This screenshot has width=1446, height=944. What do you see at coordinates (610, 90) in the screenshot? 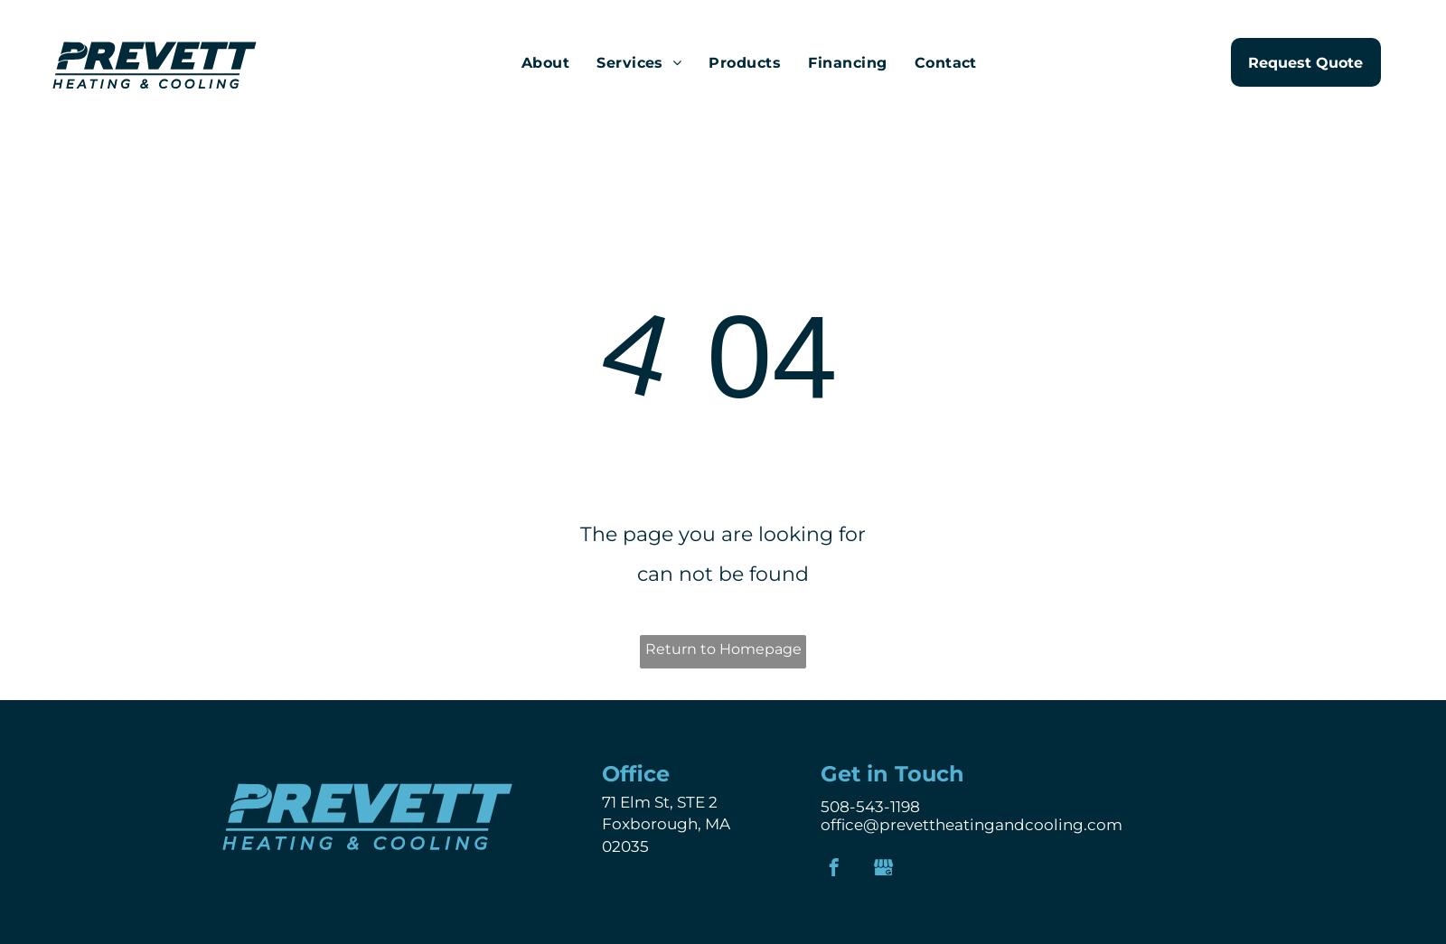
I see `'Heating'` at bounding box center [610, 90].